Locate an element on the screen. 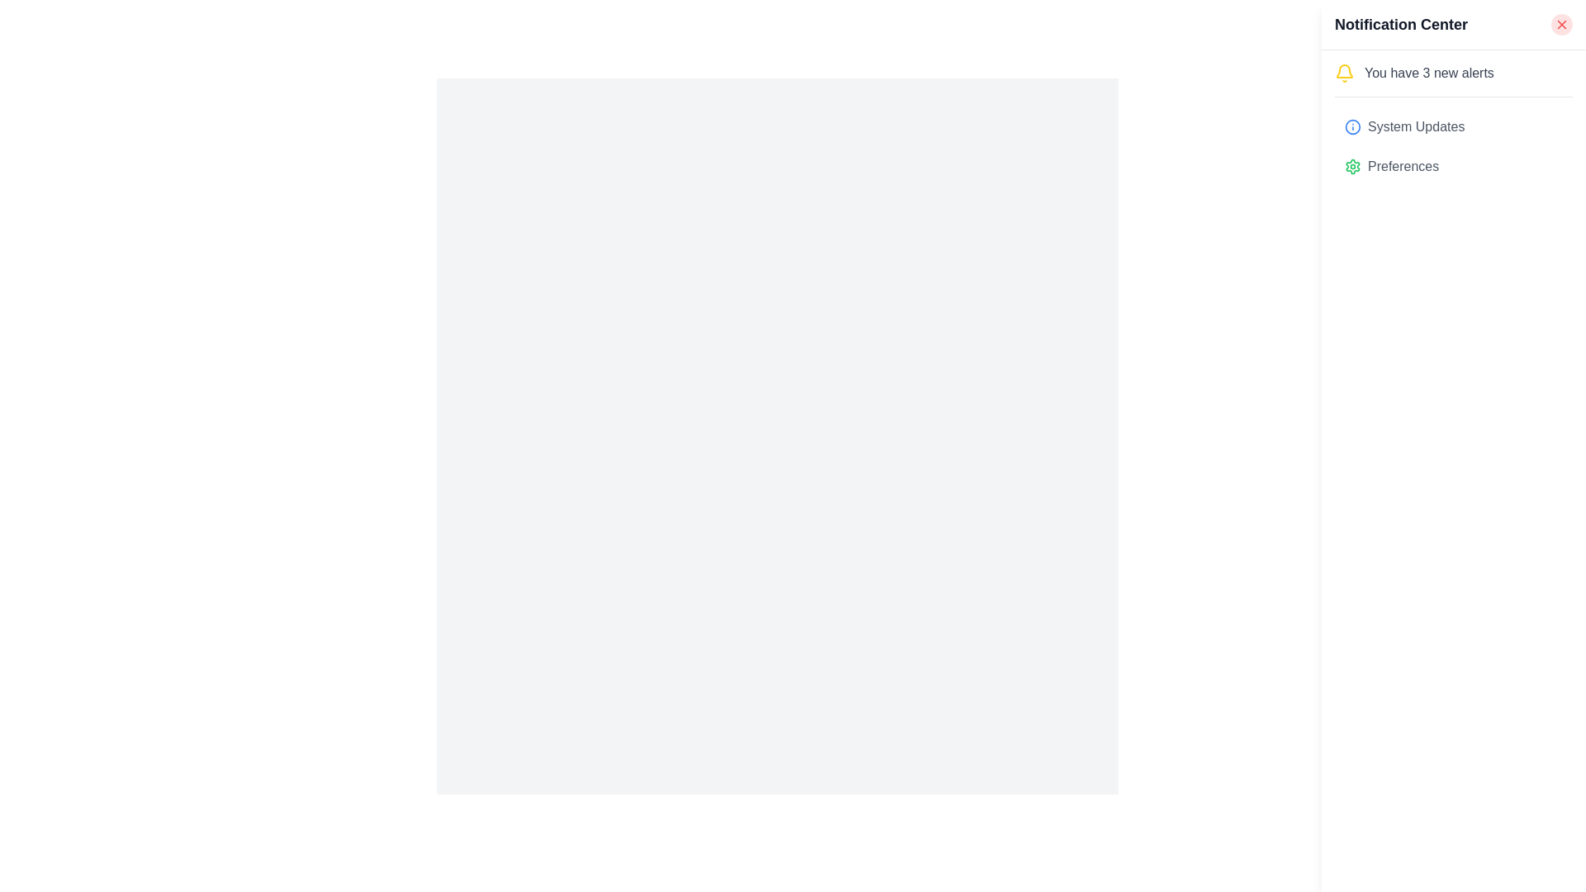  the Preferences Button located is located at coordinates (1454, 166).